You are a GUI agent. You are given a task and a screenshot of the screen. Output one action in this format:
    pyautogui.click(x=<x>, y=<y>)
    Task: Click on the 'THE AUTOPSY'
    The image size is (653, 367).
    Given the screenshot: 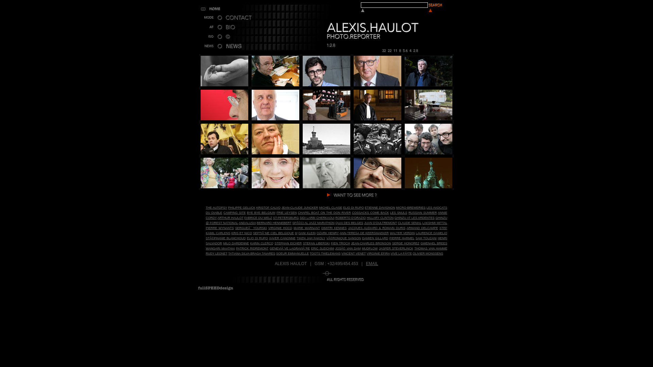 What is the action you would take?
    pyautogui.click(x=216, y=207)
    